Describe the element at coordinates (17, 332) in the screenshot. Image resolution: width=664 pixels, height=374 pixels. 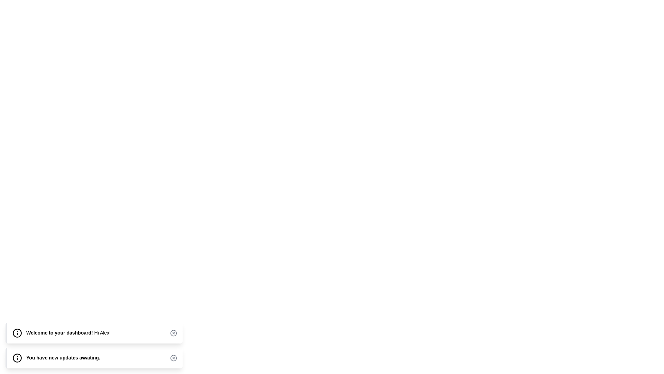
I see `the Information icon, which is a blue or green circular icon with an 'i' inside, located to the left of the message box containing 'Welcome to your dashboard! Hi Alex!'` at that location.